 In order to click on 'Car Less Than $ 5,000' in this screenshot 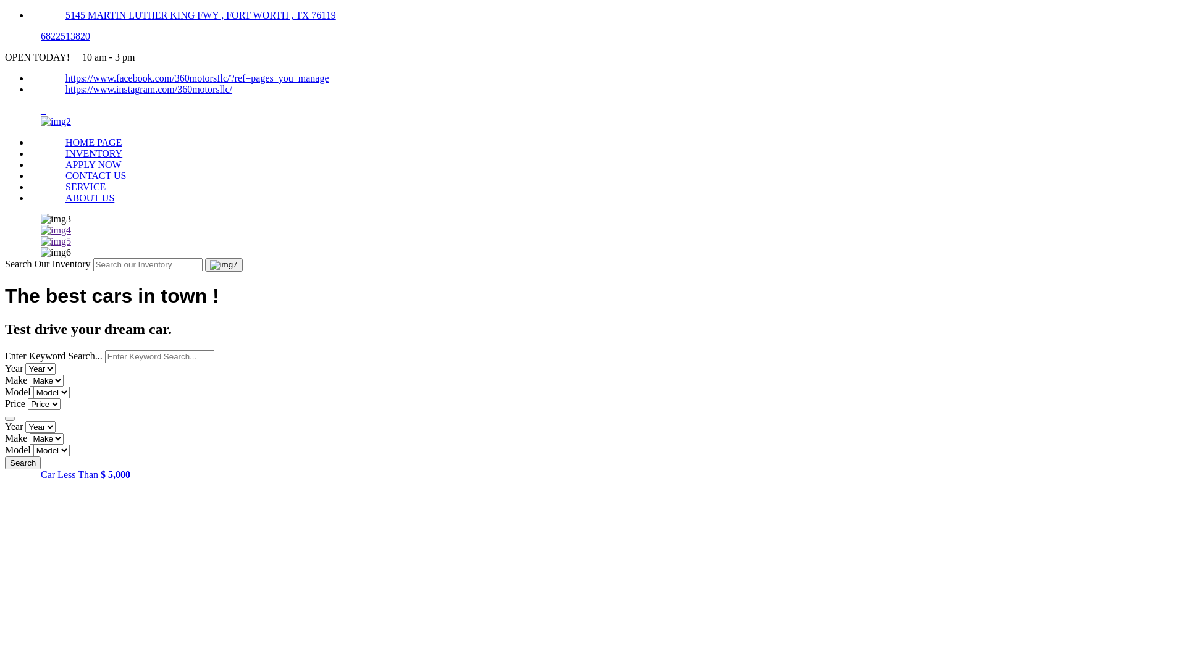, I will do `click(85, 474)`.